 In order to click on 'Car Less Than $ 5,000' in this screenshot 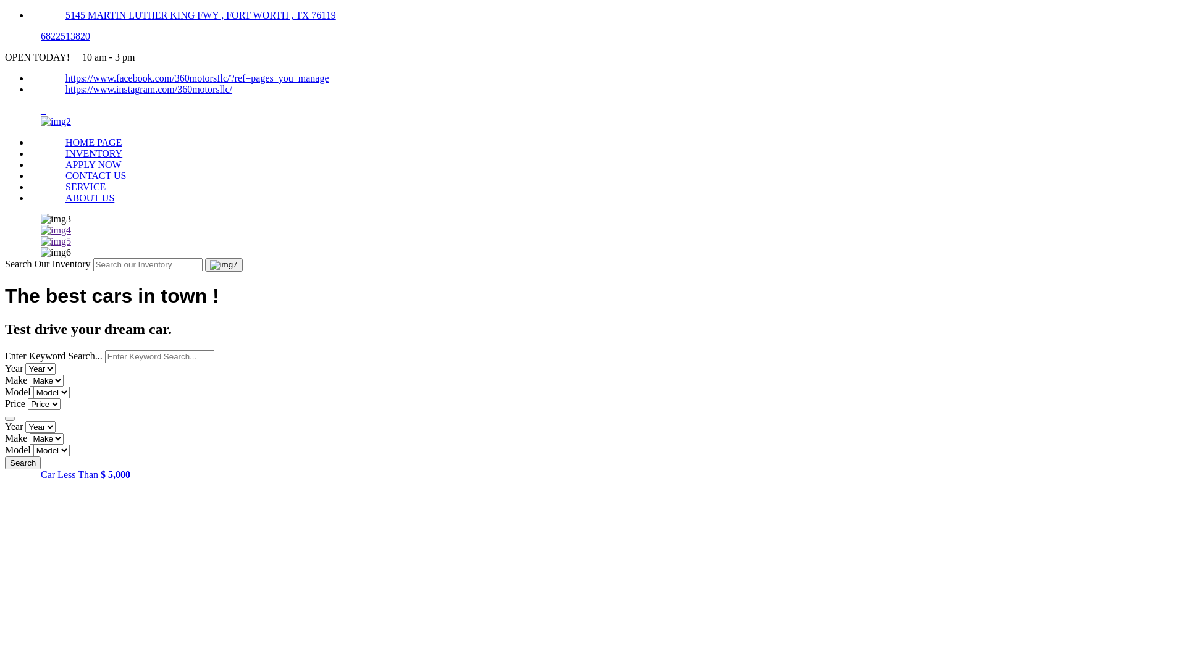, I will do `click(85, 474)`.